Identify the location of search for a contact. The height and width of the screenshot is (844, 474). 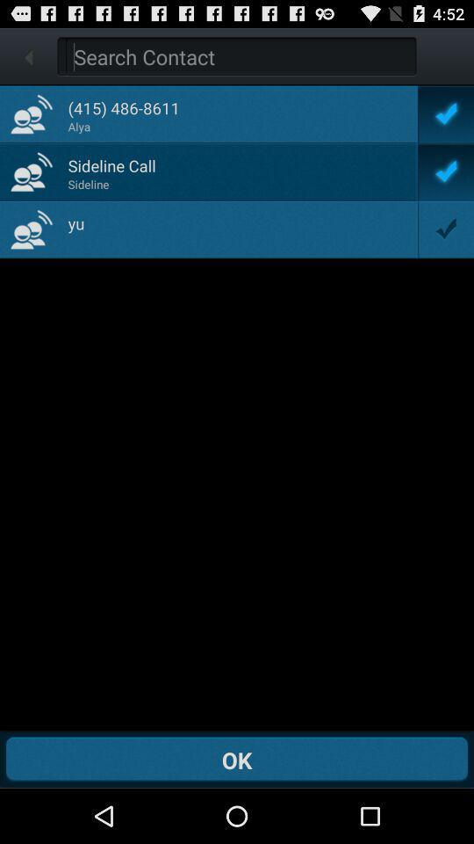
(240, 56).